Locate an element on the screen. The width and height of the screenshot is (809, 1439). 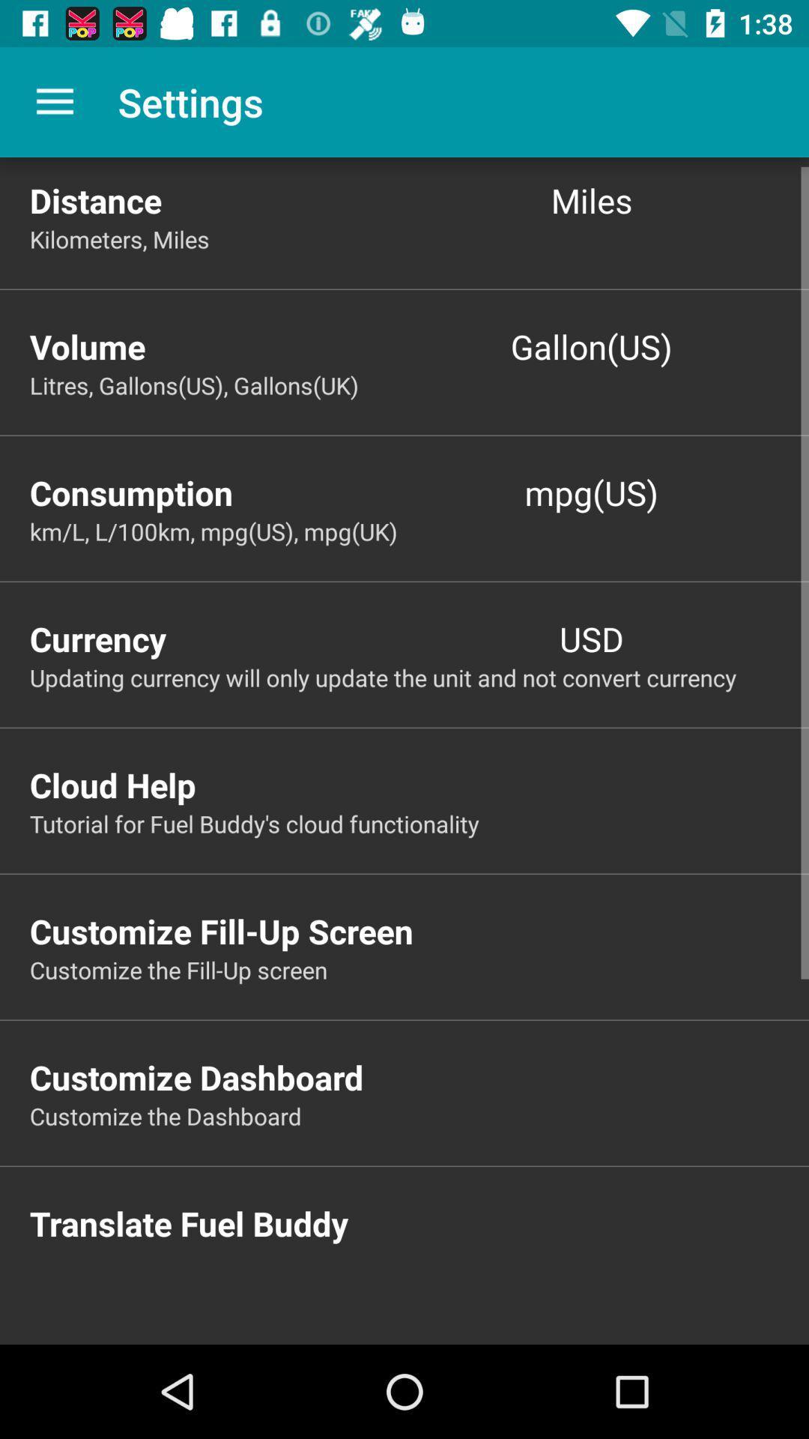
the cloud help item is located at coordinates (419, 784).